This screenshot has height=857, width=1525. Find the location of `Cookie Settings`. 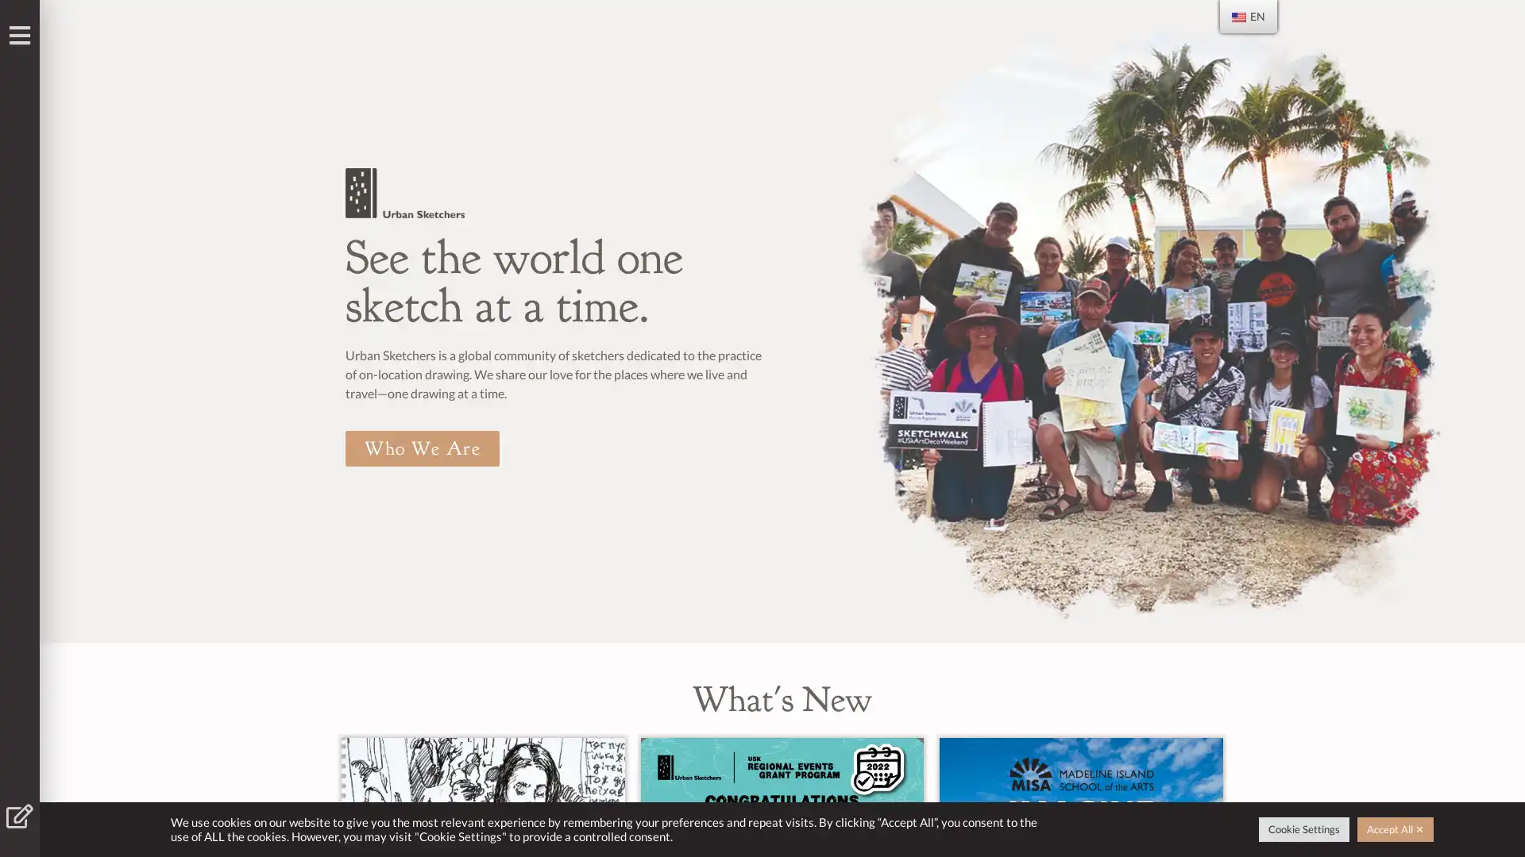

Cookie Settings is located at coordinates (1303, 828).